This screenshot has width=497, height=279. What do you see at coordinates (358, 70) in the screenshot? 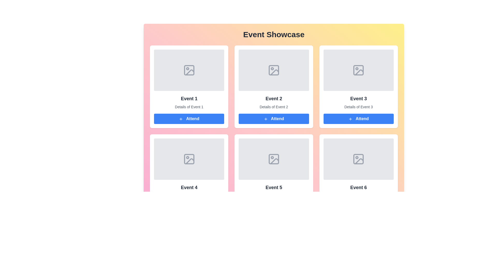
I see `the small rounded gray rectangle within the image placeholder icon in the third event card, located in the top row, third column of the layout grid` at bounding box center [358, 70].